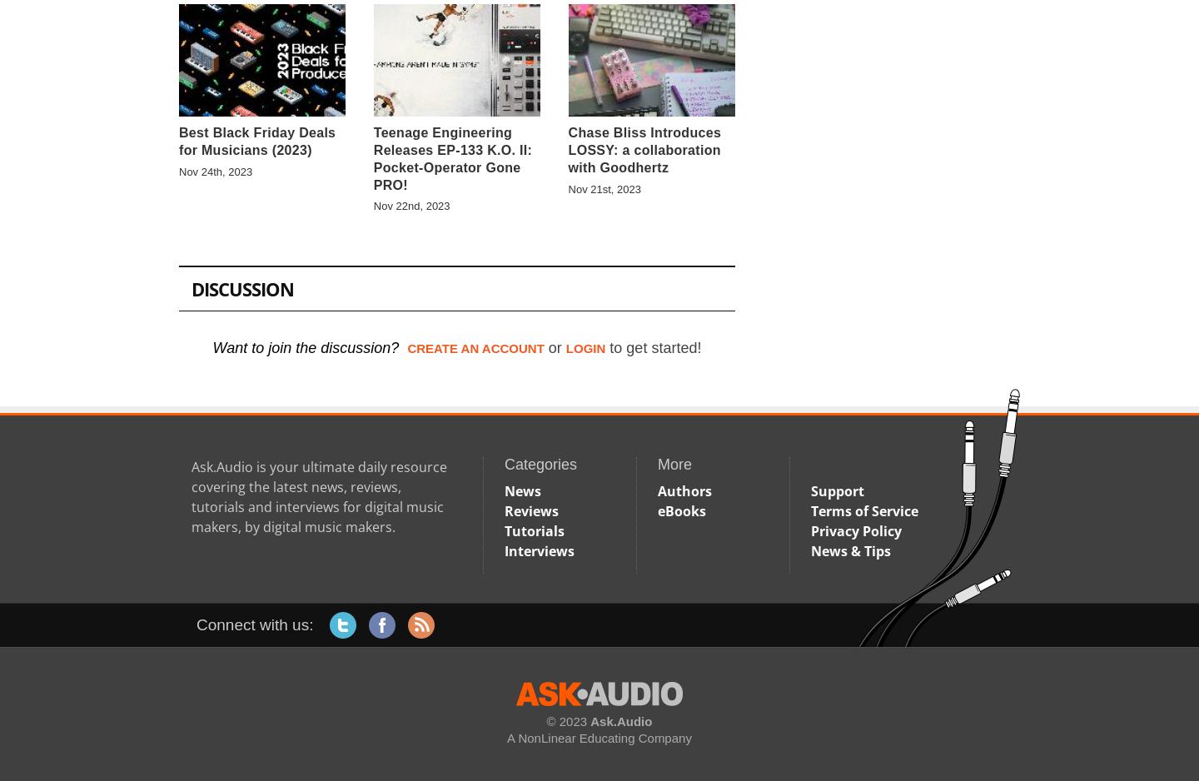  Describe the element at coordinates (684, 489) in the screenshot. I see `'Authors'` at that location.